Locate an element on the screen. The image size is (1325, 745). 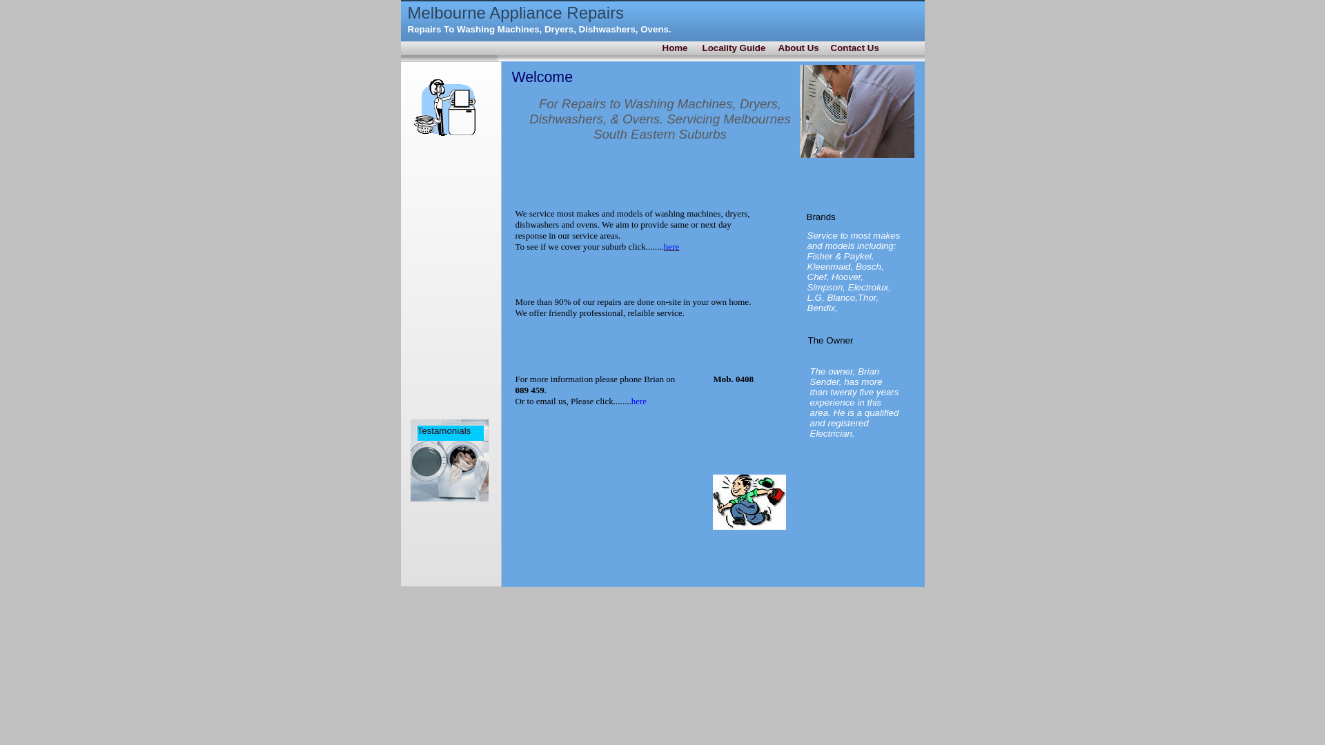
'About Us' is located at coordinates (798, 47).